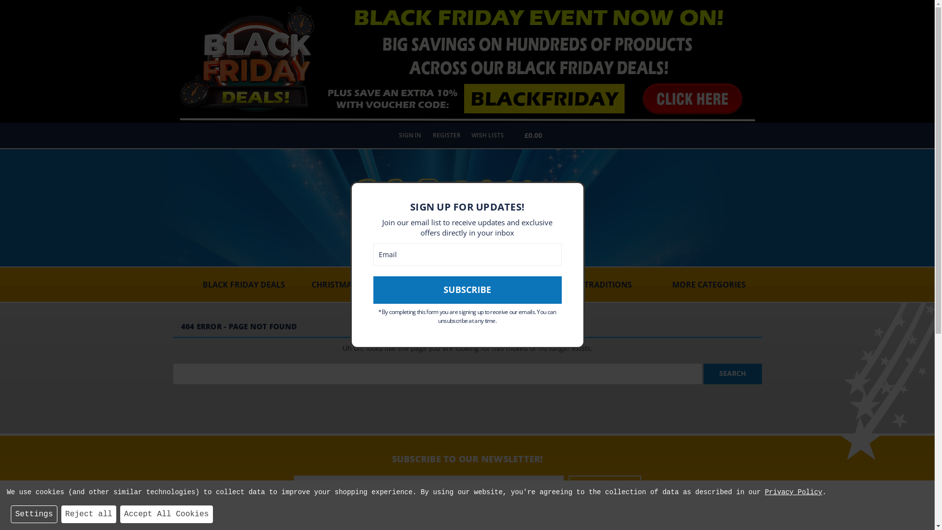 The width and height of the screenshot is (942, 530). Describe the element at coordinates (793, 492) in the screenshot. I see `'Privacy Policy'` at that location.